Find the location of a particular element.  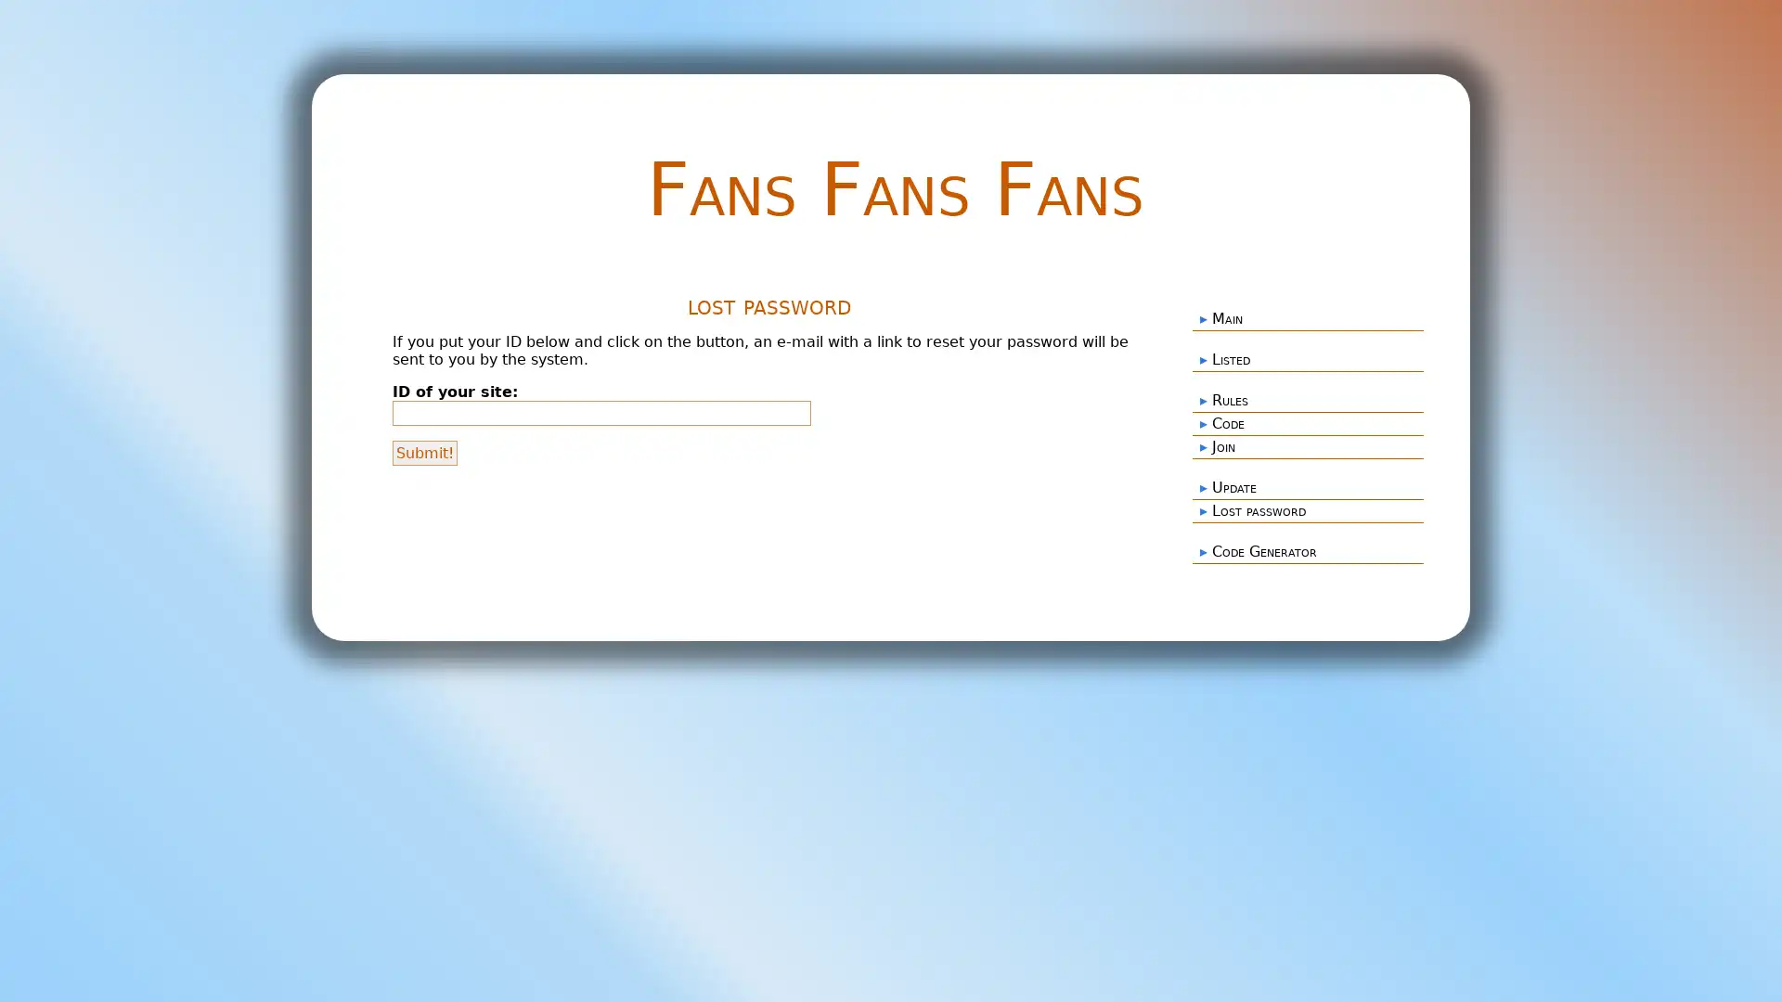

Submit! is located at coordinates (423, 452).